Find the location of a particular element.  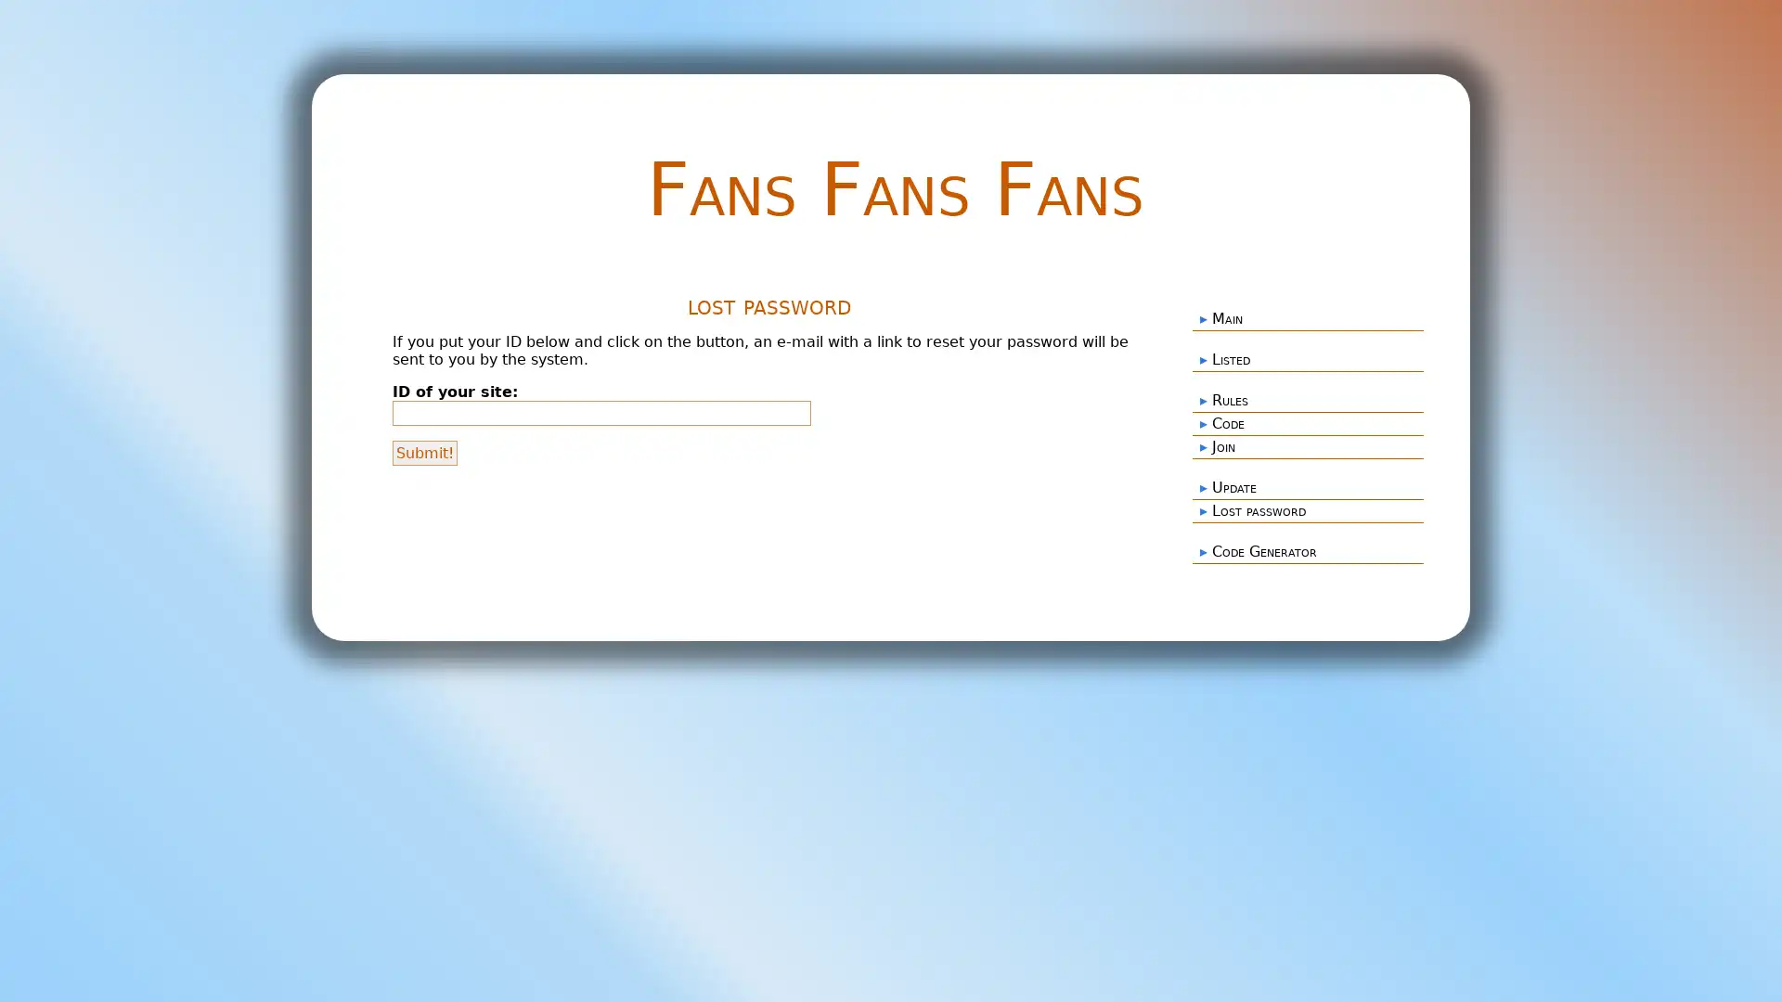

Submit! is located at coordinates (423, 452).